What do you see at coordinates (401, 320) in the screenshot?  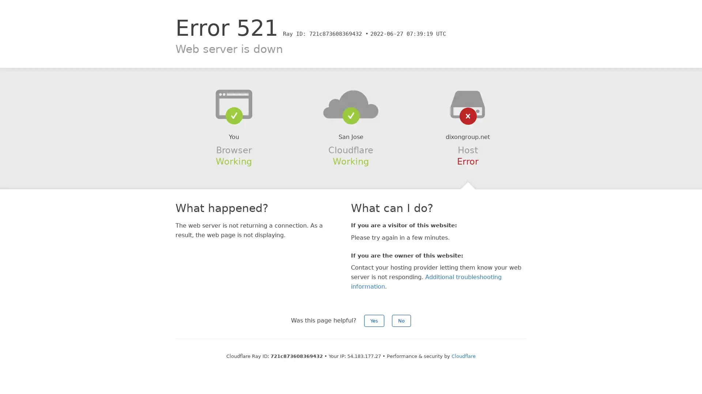 I see `No` at bounding box center [401, 320].